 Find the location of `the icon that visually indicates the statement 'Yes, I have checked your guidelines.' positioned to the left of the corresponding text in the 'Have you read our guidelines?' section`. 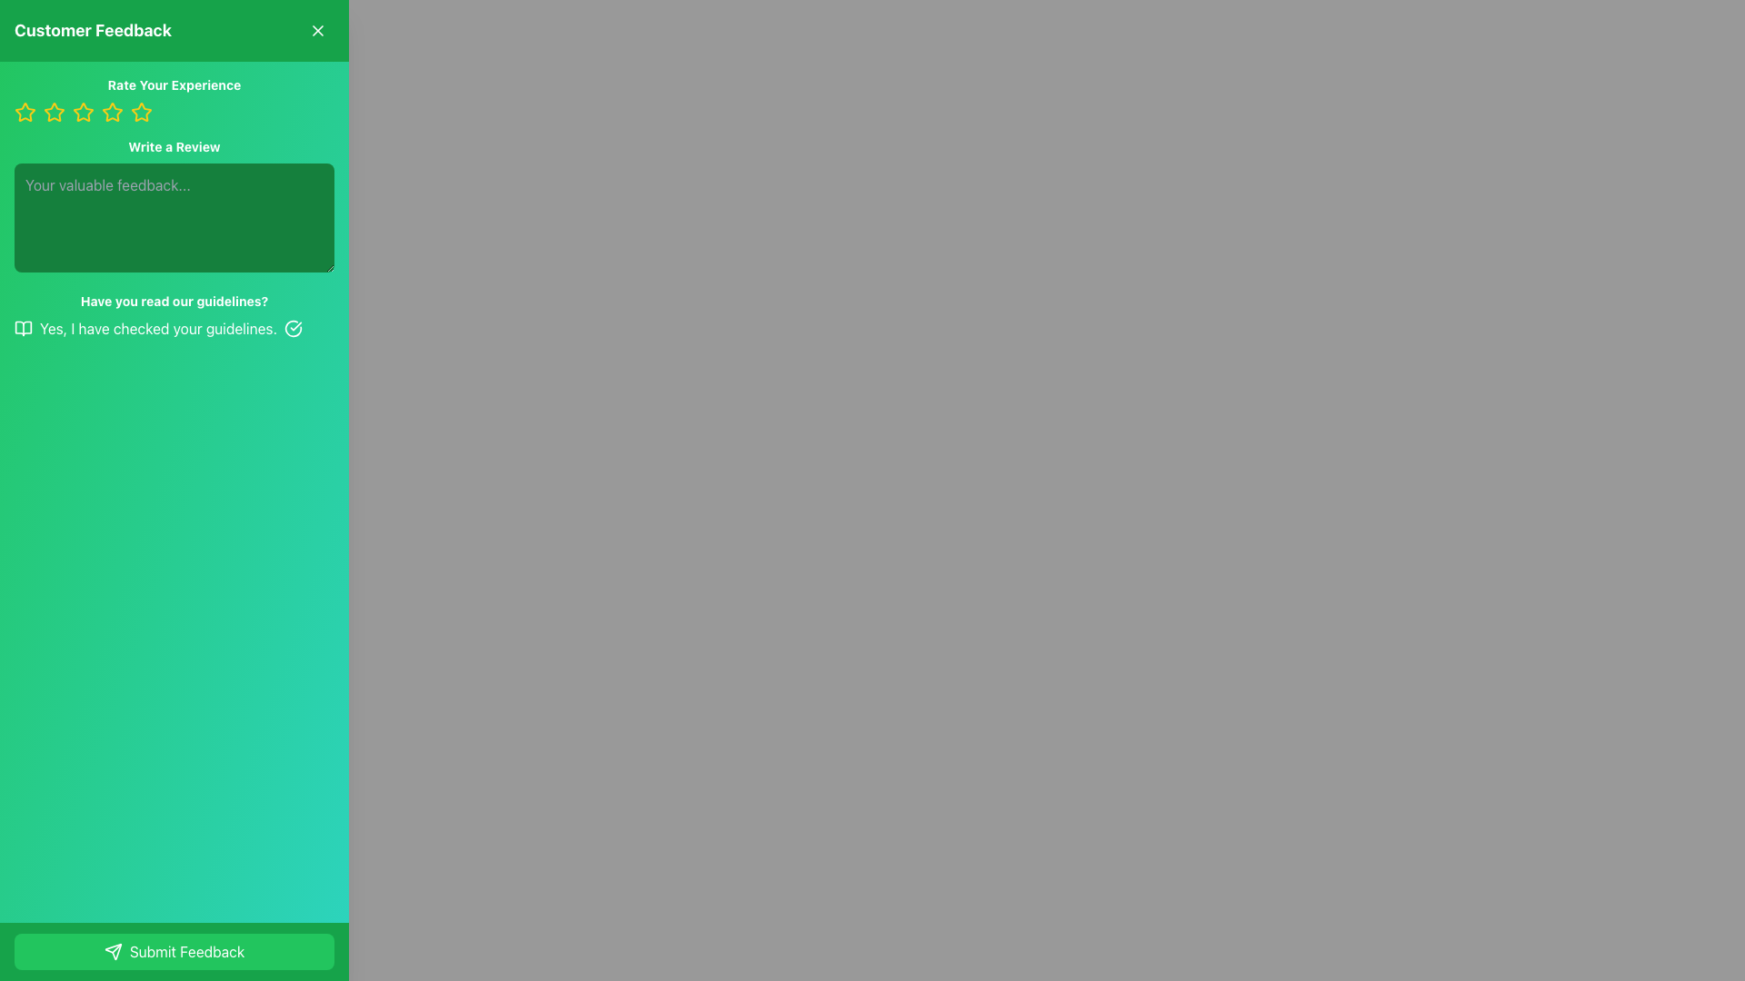

the icon that visually indicates the statement 'Yes, I have checked your guidelines.' positioned to the left of the corresponding text in the 'Have you read our guidelines?' section is located at coordinates (23, 329).